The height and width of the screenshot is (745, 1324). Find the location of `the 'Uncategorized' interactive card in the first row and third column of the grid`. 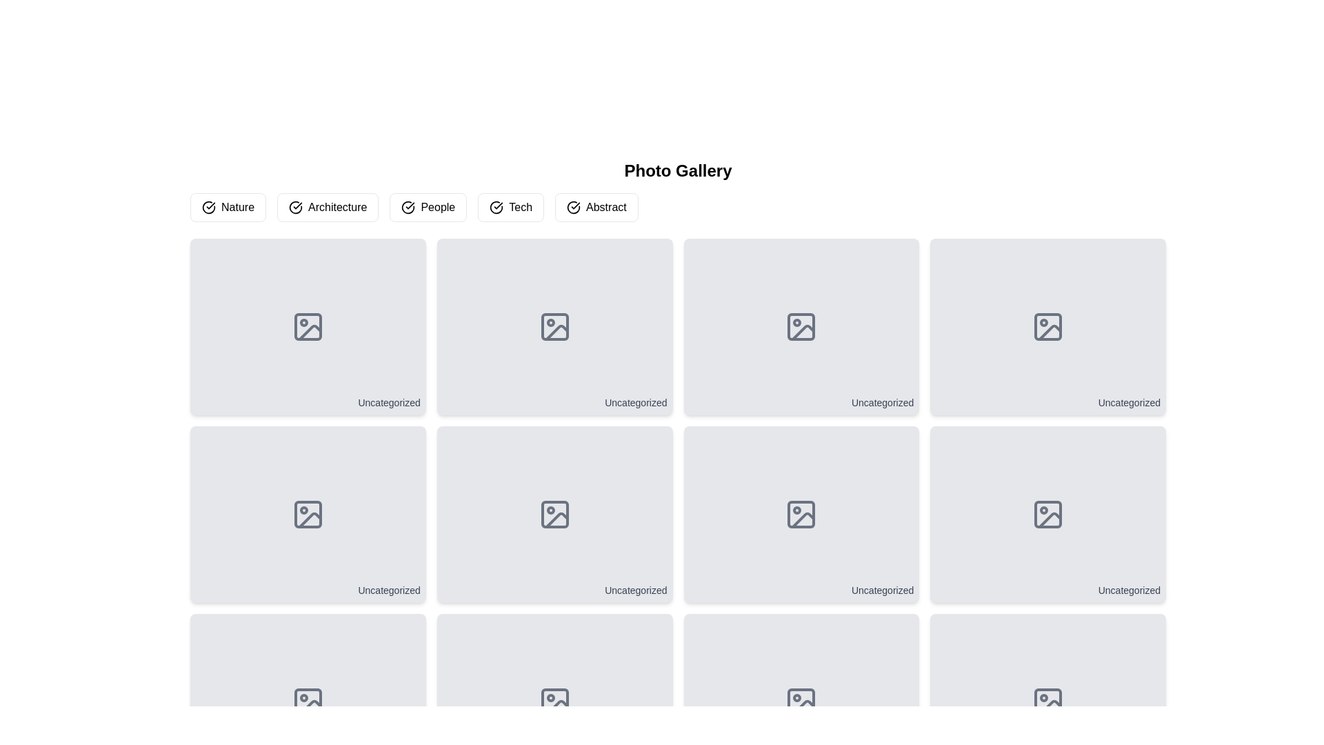

the 'Uncategorized' interactive card in the first row and third column of the grid is located at coordinates (801, 327).